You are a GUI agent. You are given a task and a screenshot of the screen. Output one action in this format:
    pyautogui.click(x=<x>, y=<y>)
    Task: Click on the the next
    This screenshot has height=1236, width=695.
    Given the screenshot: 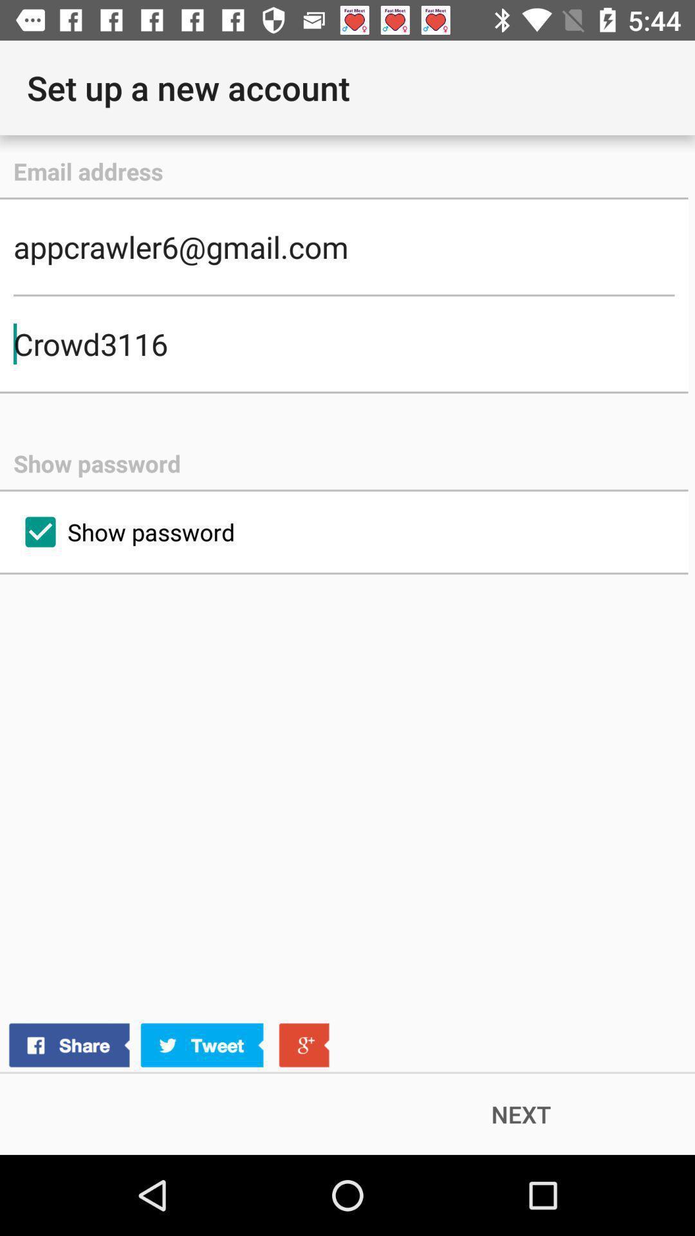 What is the action you would take?
    pyautogui.click(x=521, y=1114)
    